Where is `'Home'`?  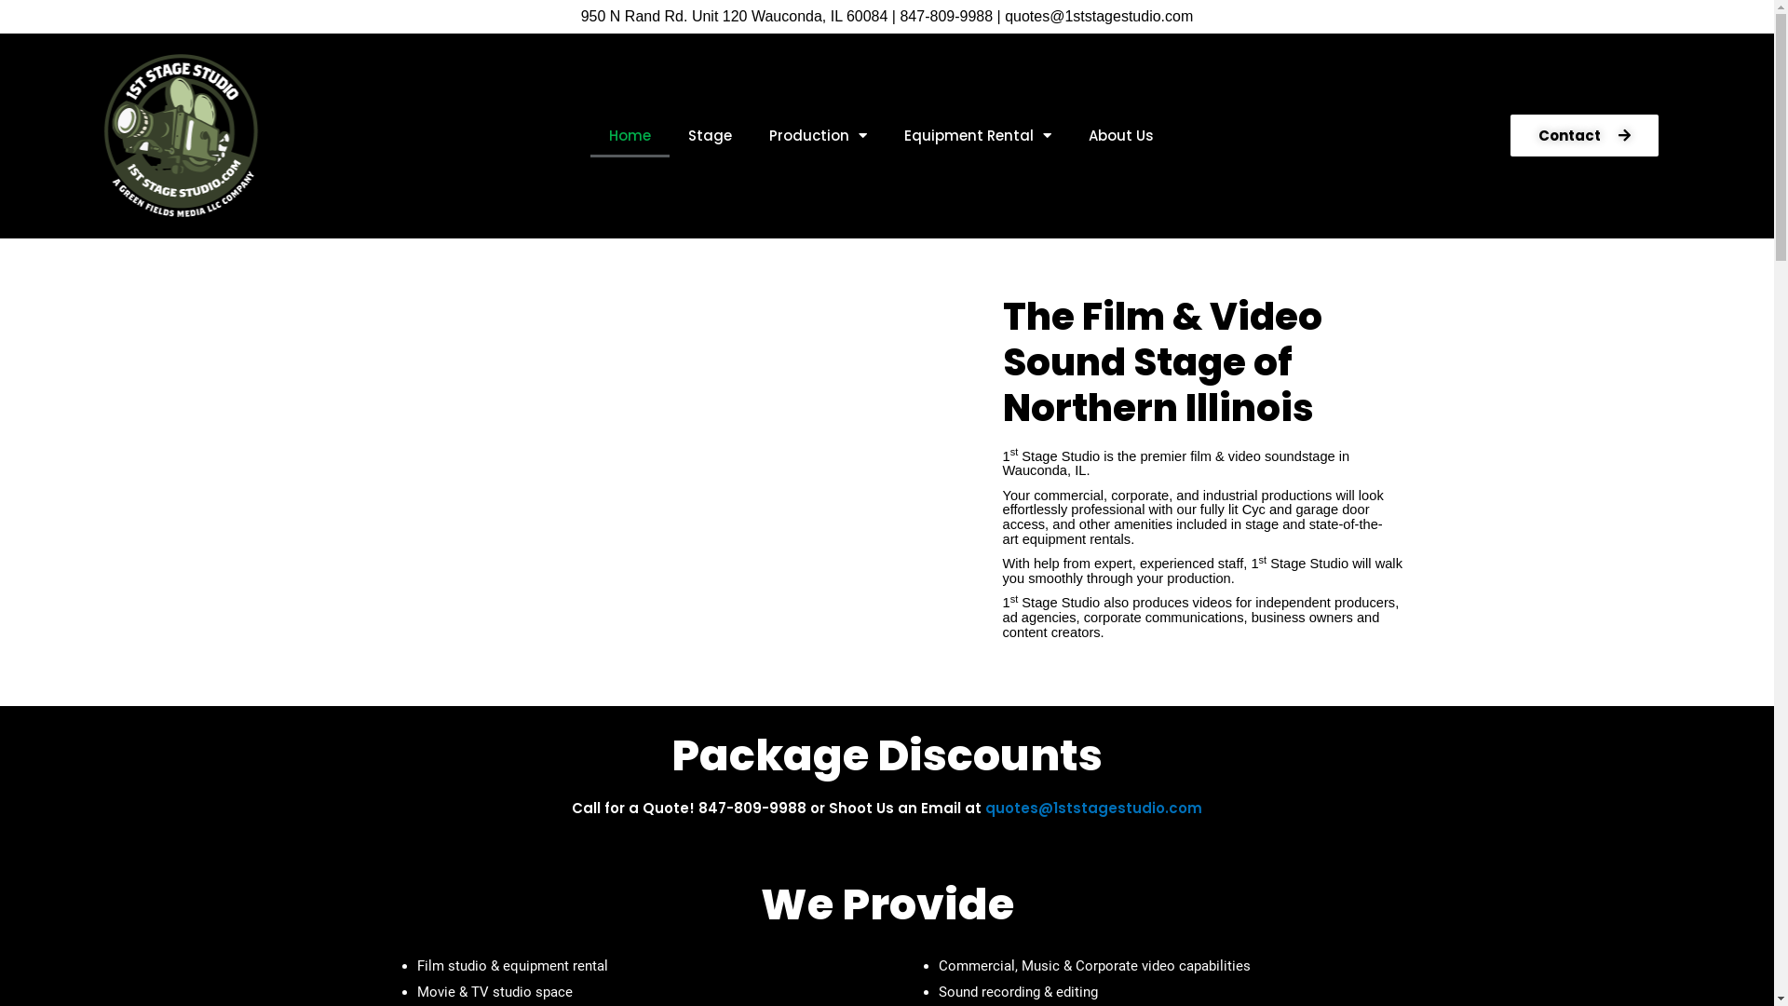 'Home' is located at coordinates (630, 135).